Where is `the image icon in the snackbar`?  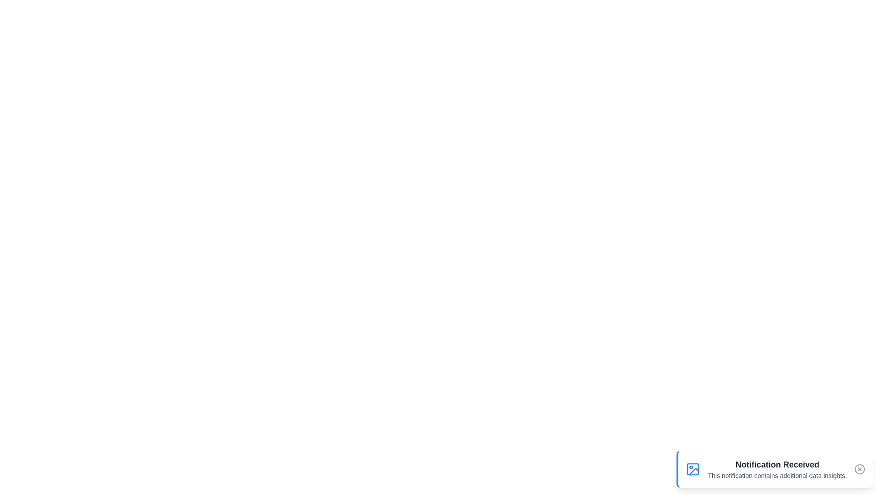 the image icon in the snackbar is located at coordinates (693, 469).